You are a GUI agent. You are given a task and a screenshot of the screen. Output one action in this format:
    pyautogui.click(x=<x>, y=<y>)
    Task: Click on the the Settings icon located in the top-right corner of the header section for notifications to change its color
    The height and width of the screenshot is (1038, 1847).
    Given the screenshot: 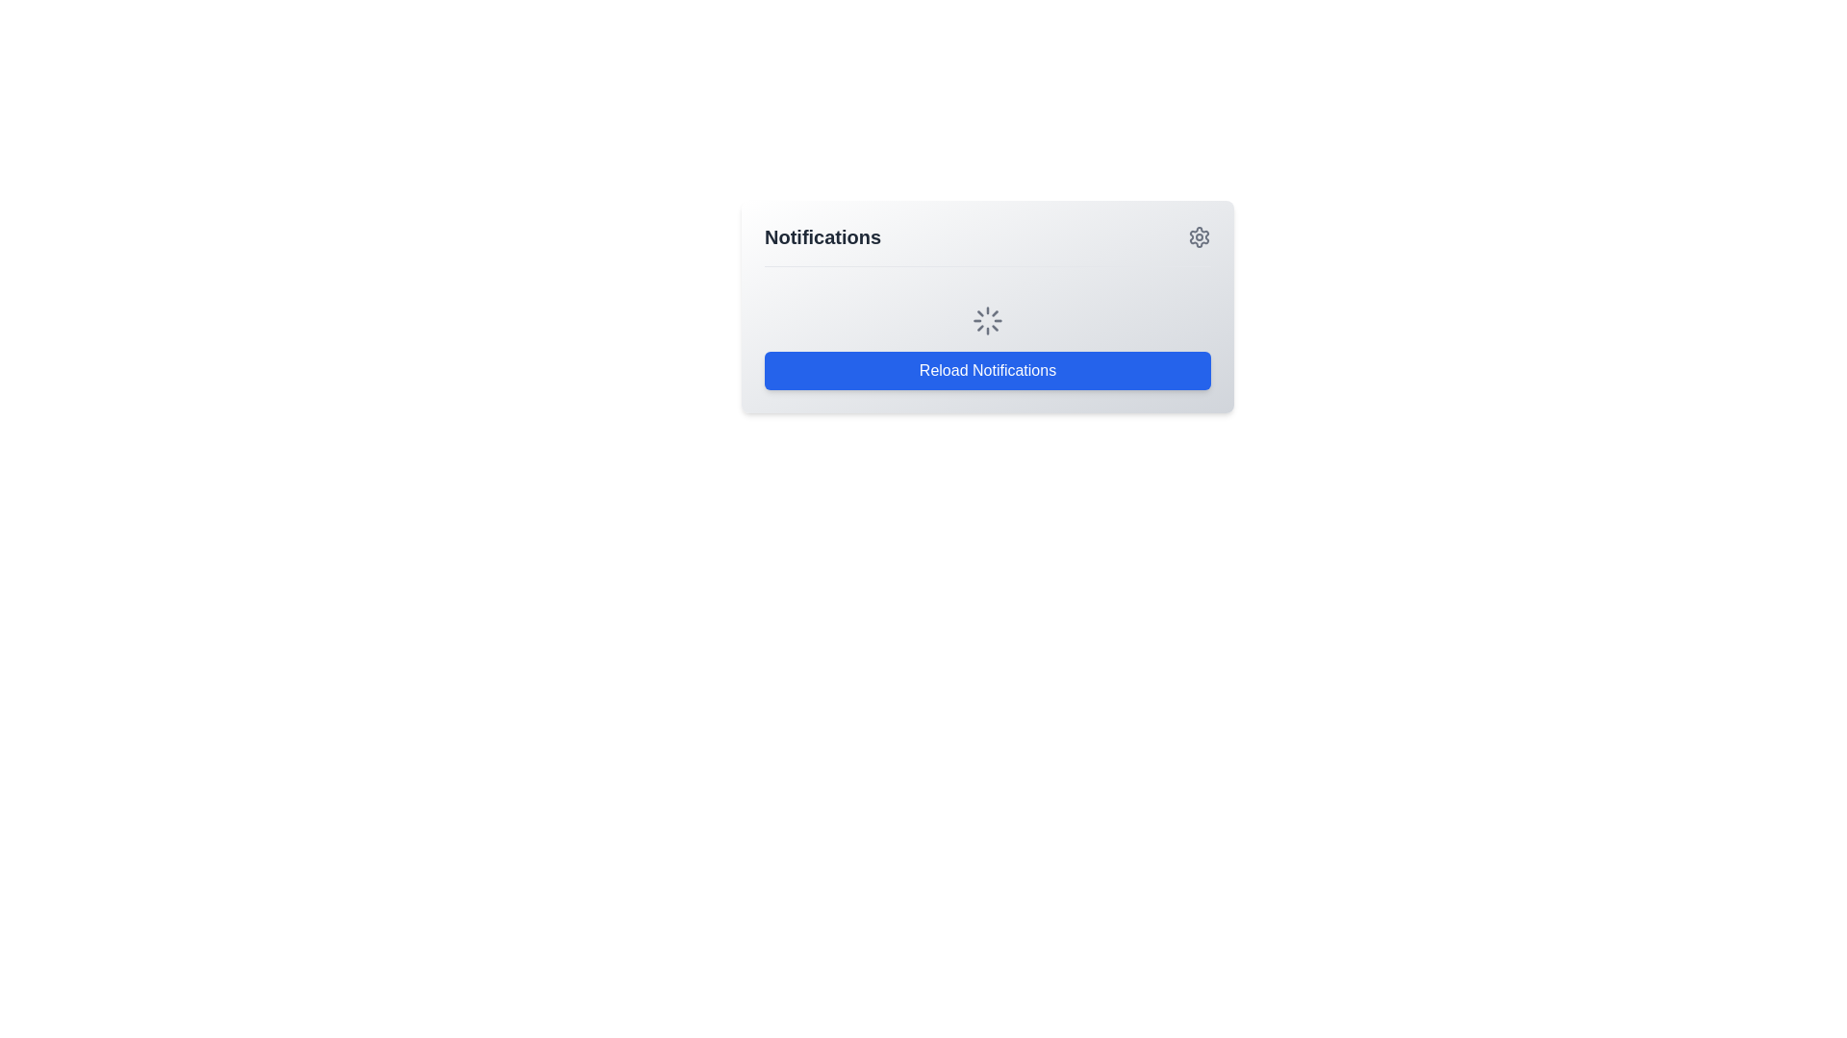 What is the action you would take?
    pyautogui.click(x=1199, y=235)
    